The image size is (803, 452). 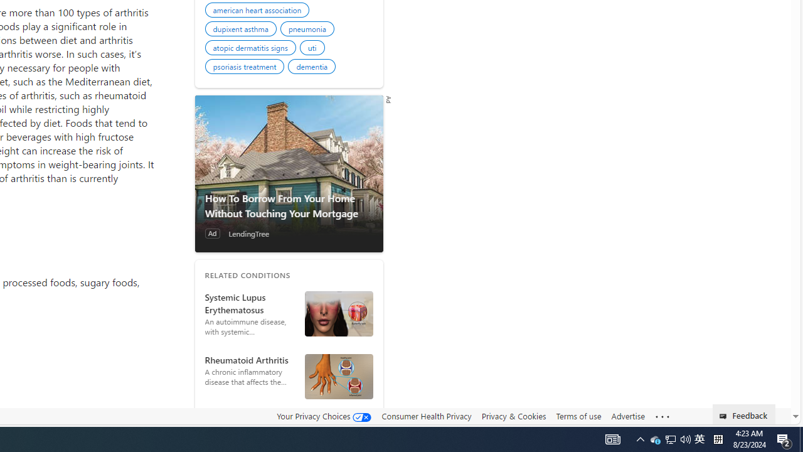 I want to click on 'Consumer Health Privacy', so click(x=427, y=416).